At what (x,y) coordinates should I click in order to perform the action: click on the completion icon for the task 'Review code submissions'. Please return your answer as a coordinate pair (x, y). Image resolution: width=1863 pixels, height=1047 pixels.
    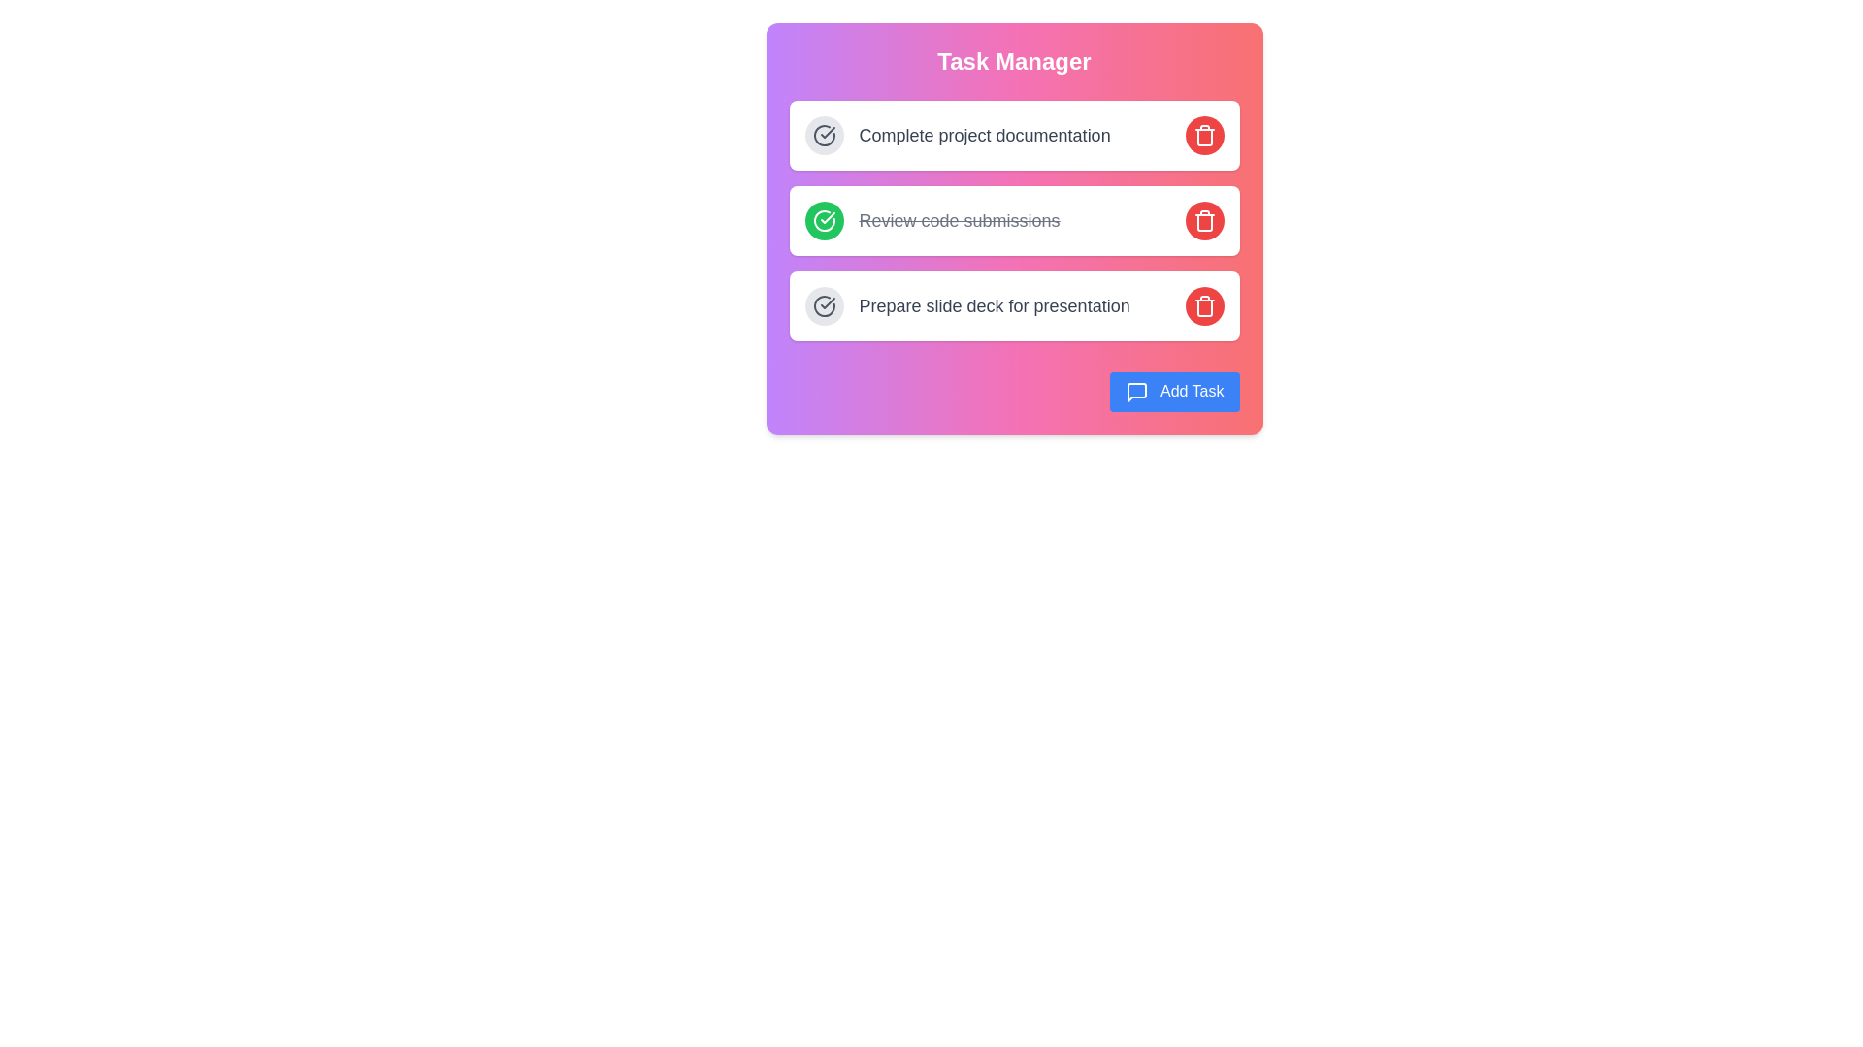
    Looking at the image, I should click on (824, 219).